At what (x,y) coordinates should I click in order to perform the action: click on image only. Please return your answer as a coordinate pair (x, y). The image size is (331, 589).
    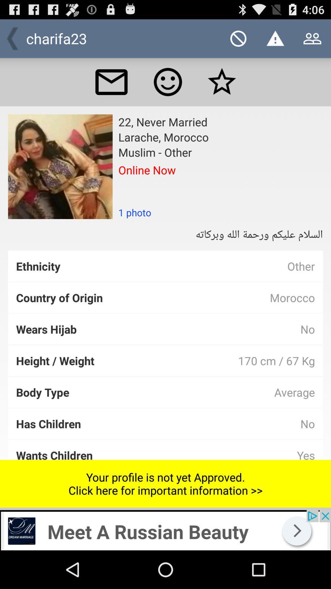
    Looking at the image, I should click on (60, 167).